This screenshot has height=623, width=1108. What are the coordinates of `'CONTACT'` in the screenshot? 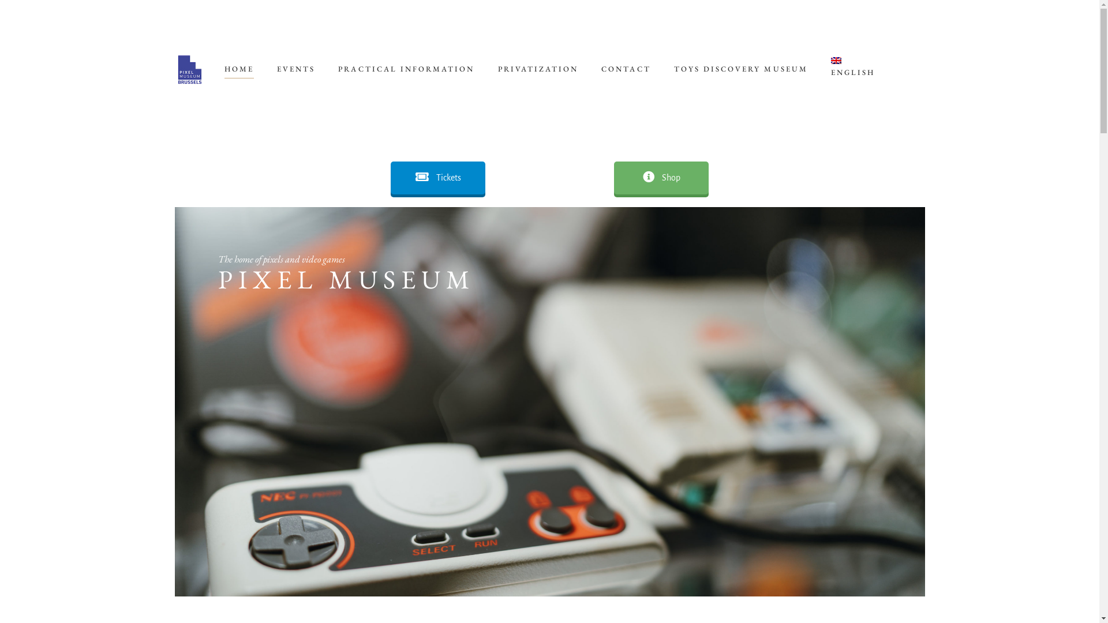 It's located at (625, 69).